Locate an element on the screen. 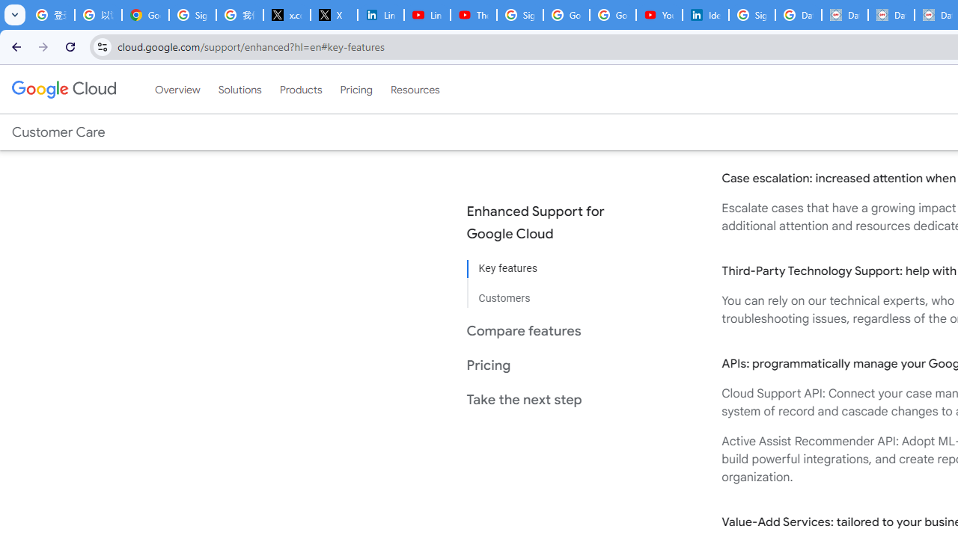 Image resolution: width=958 pixels, height=538 pixels. 'Google Cloud' is located at coordinates (63, 89).